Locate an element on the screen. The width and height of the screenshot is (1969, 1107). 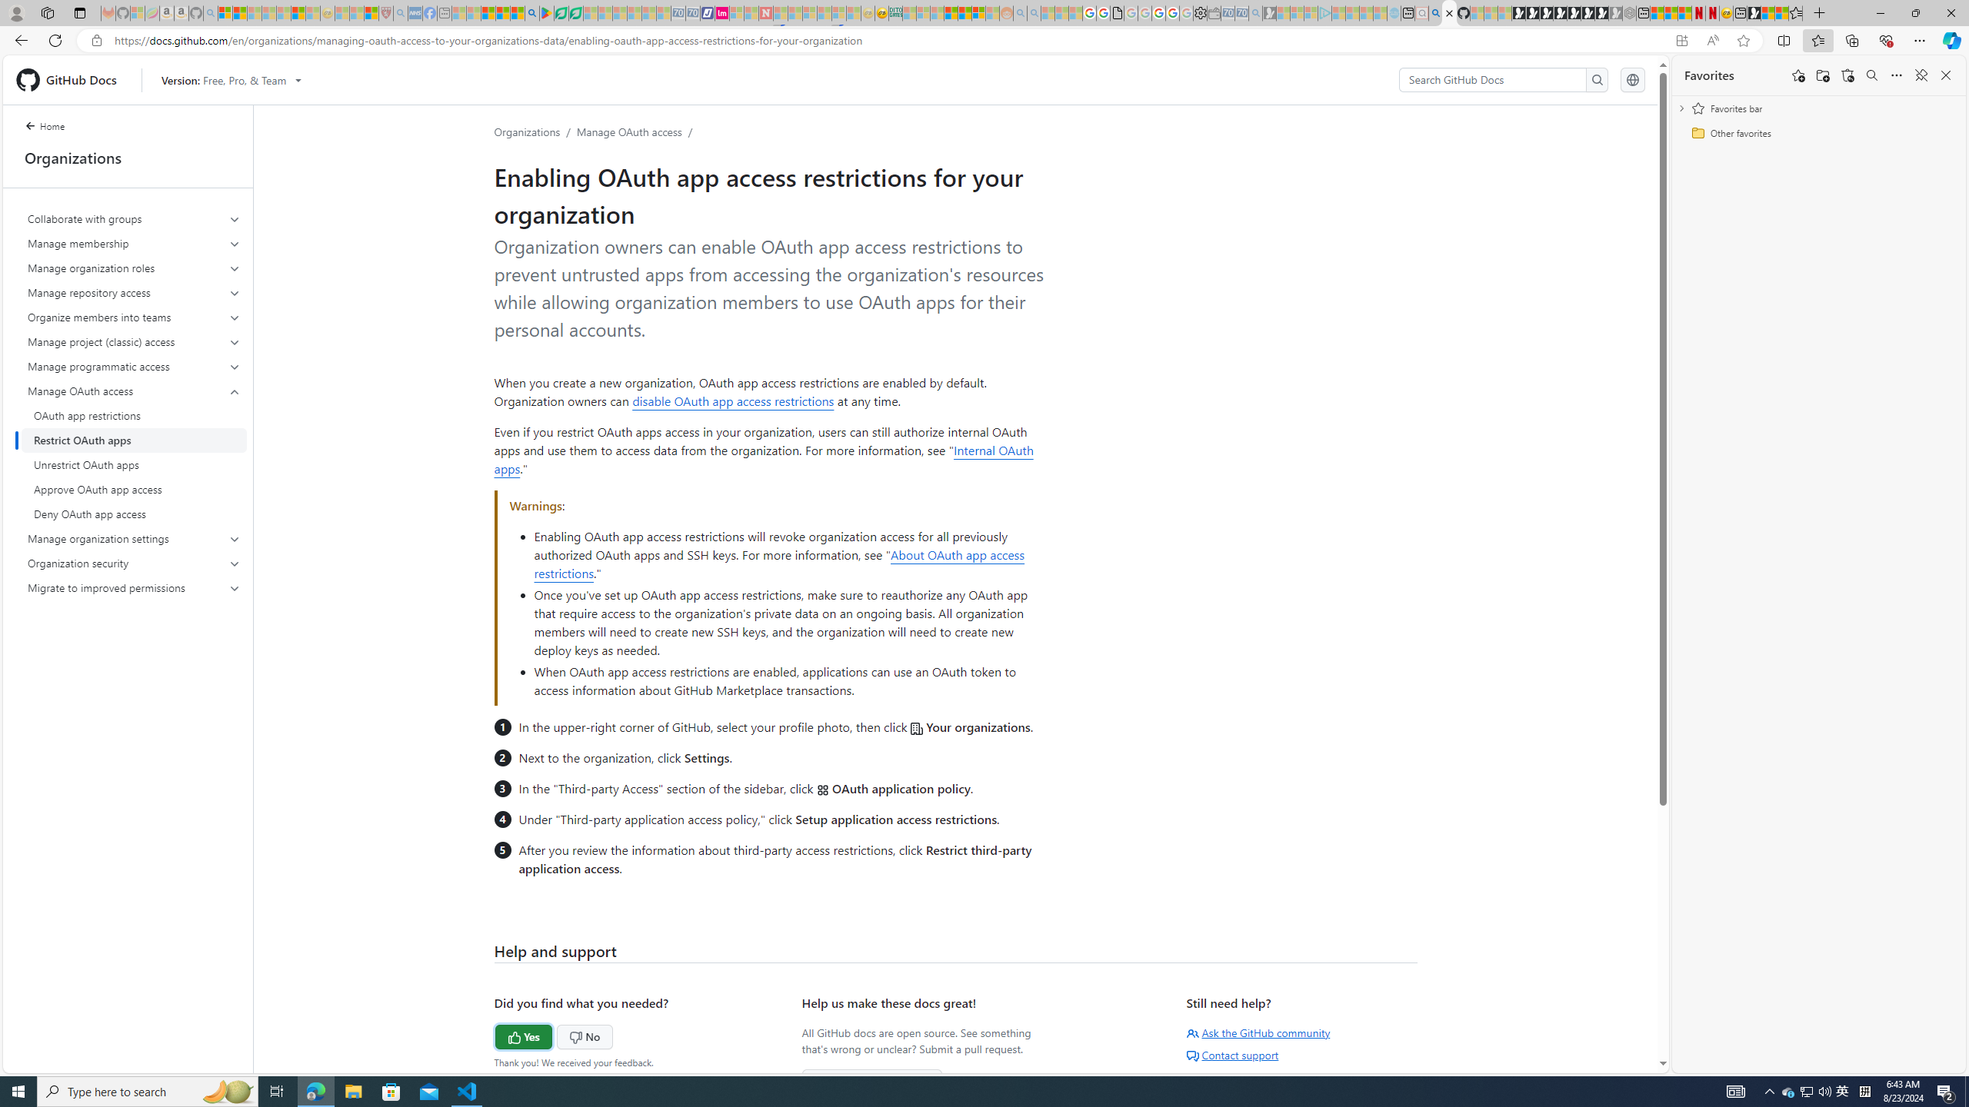
'Read aloud this page (Ctrl+Shift+U)' is located at coordinates (1712, 41).